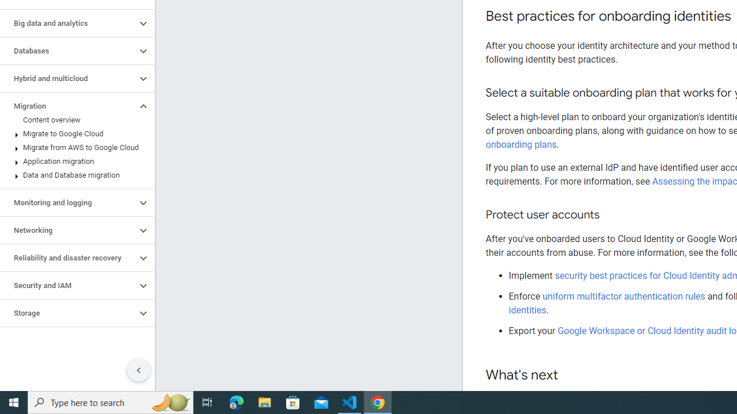 This screenshot has height=414, width=737. What do you see at coordinates (67, 285) in the screenshot?
I see `'Security and IAM'` at bounding box center [67, 285].